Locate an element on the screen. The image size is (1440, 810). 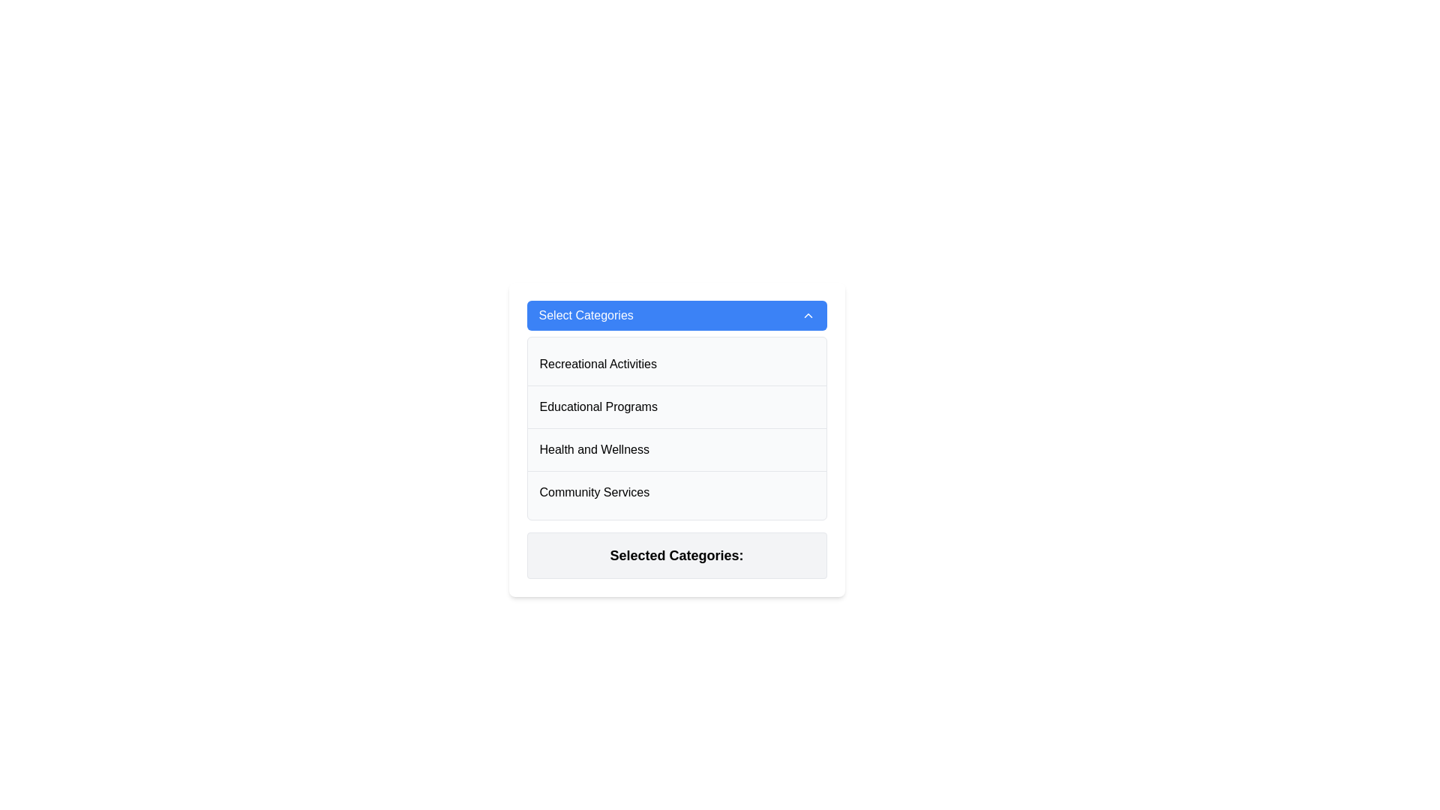
the label with the text 'Selected Categories:' which is located at the bottom of the dropdown interface, styled with a light gray background and rounded corners is located at coordinates (676, 555).